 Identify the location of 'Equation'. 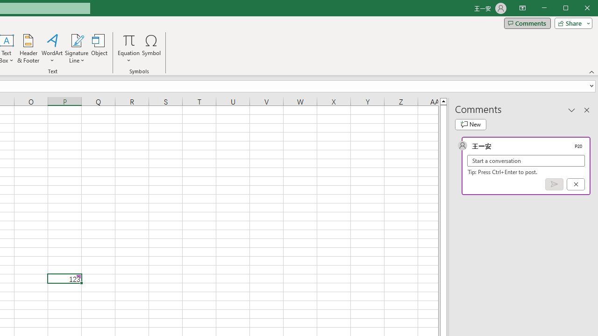
(128, 40).